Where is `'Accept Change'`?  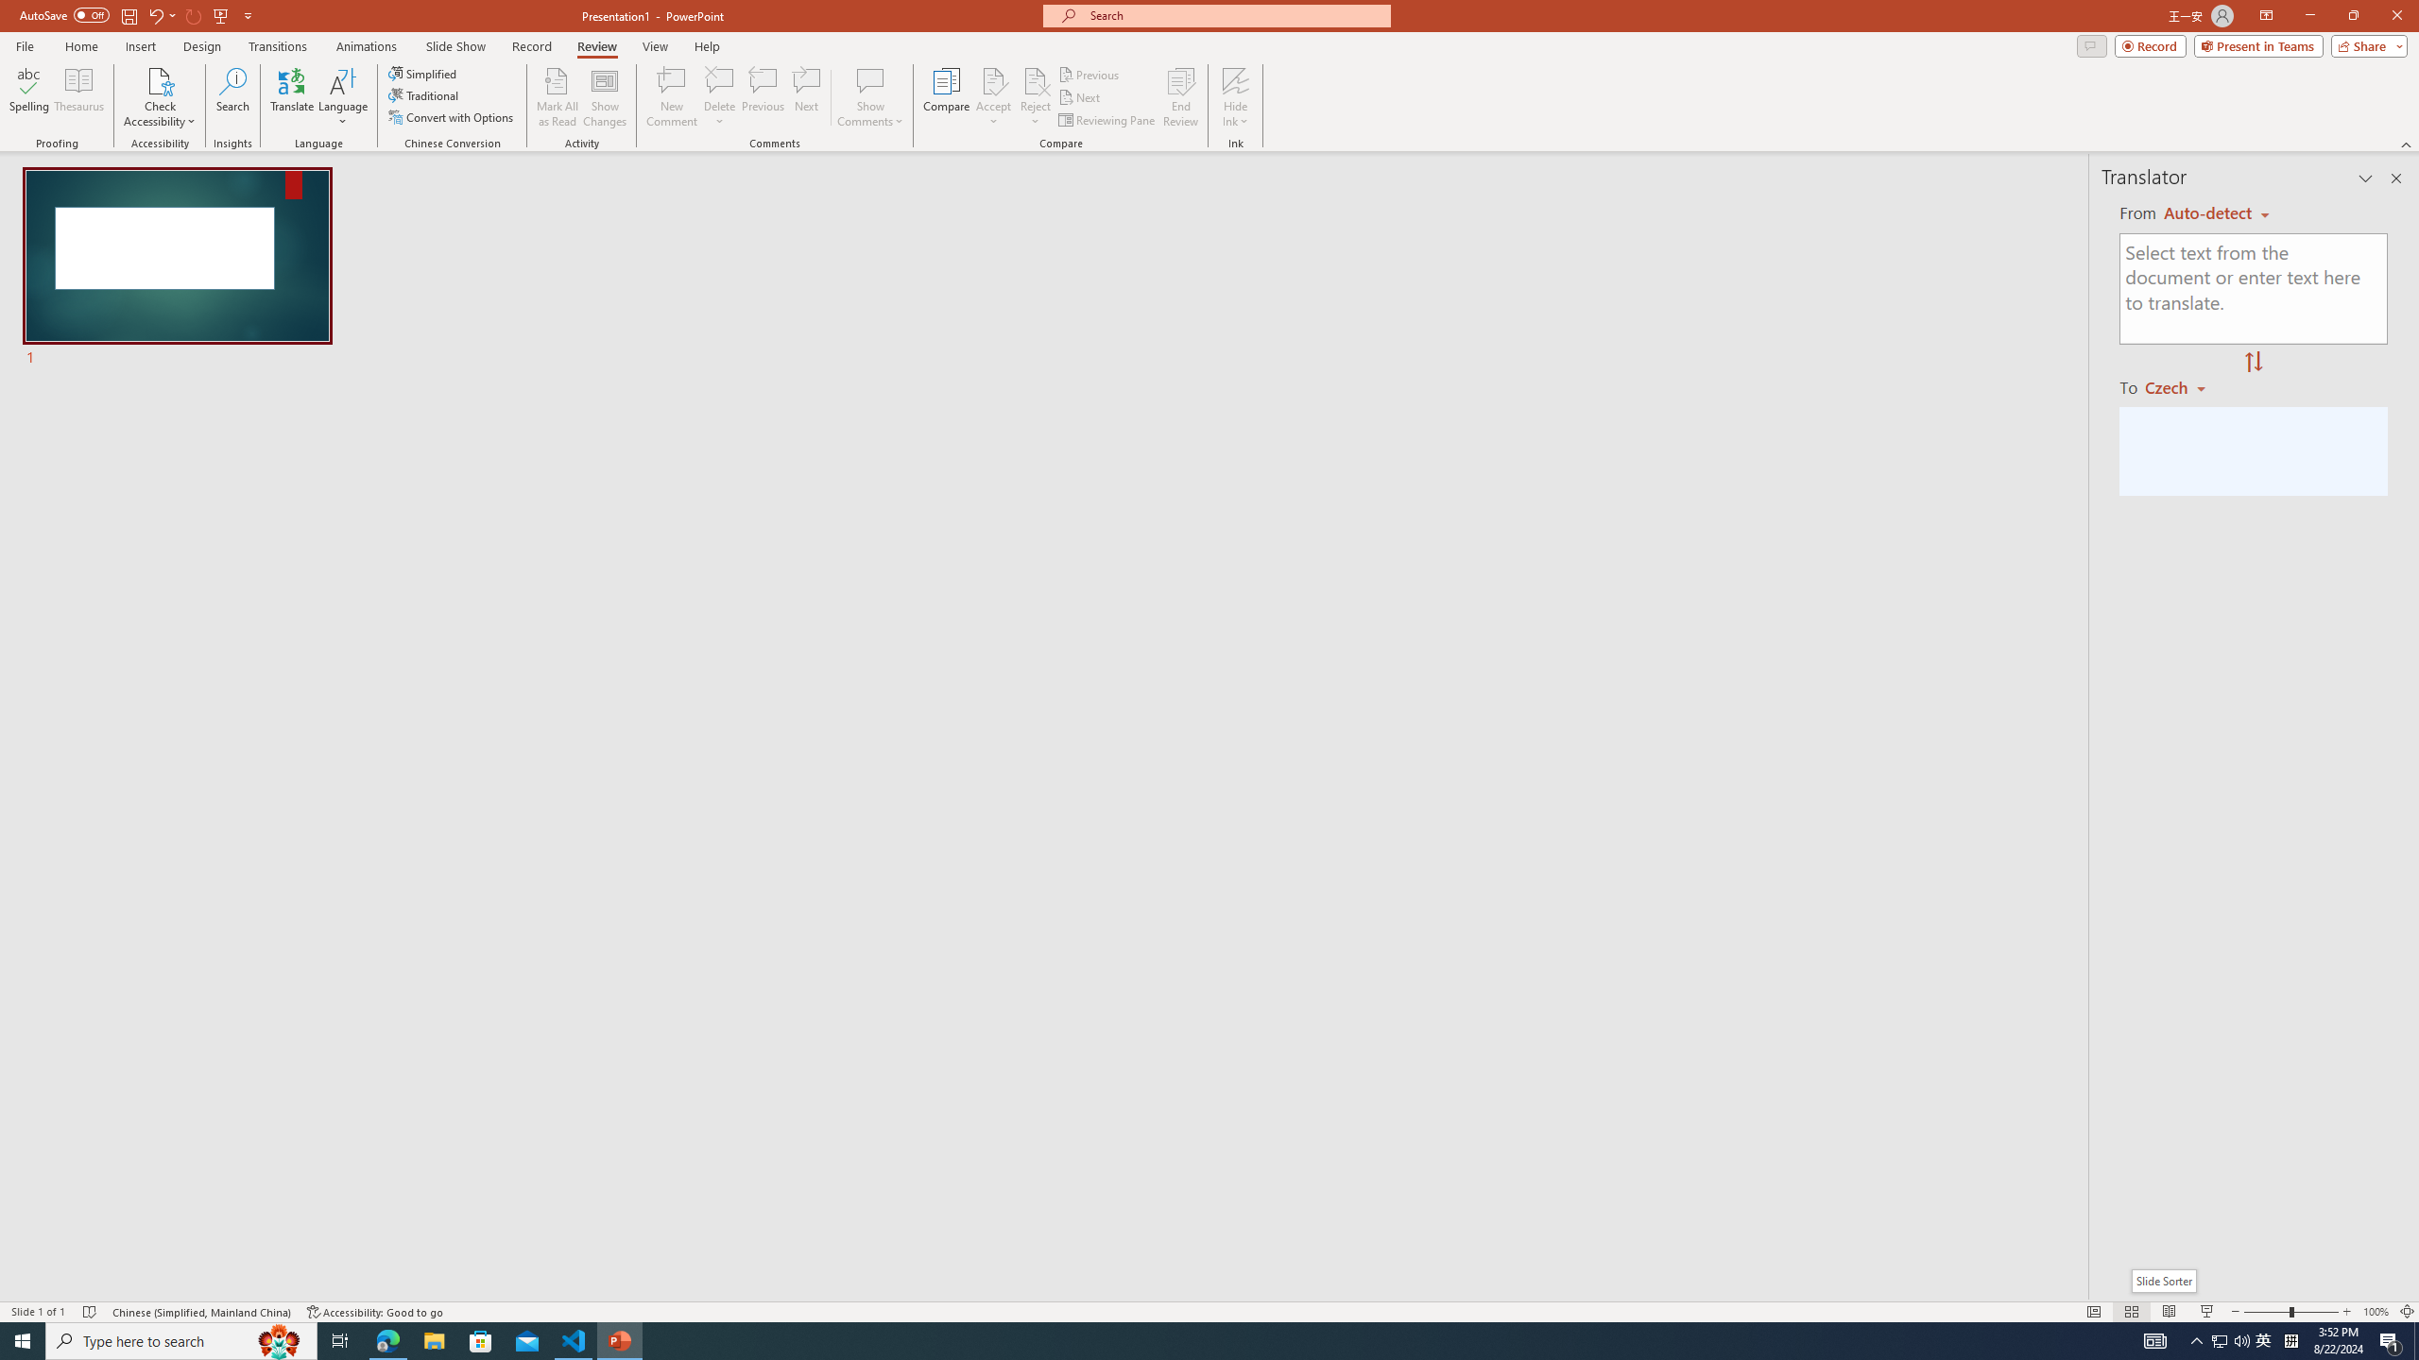
'Accept Change' is located at coordinates (993, 79).